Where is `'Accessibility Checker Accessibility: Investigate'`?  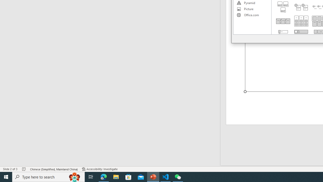 'Accessibility Checker Accessibility: Investigate' is located at coordinates (100, 169).